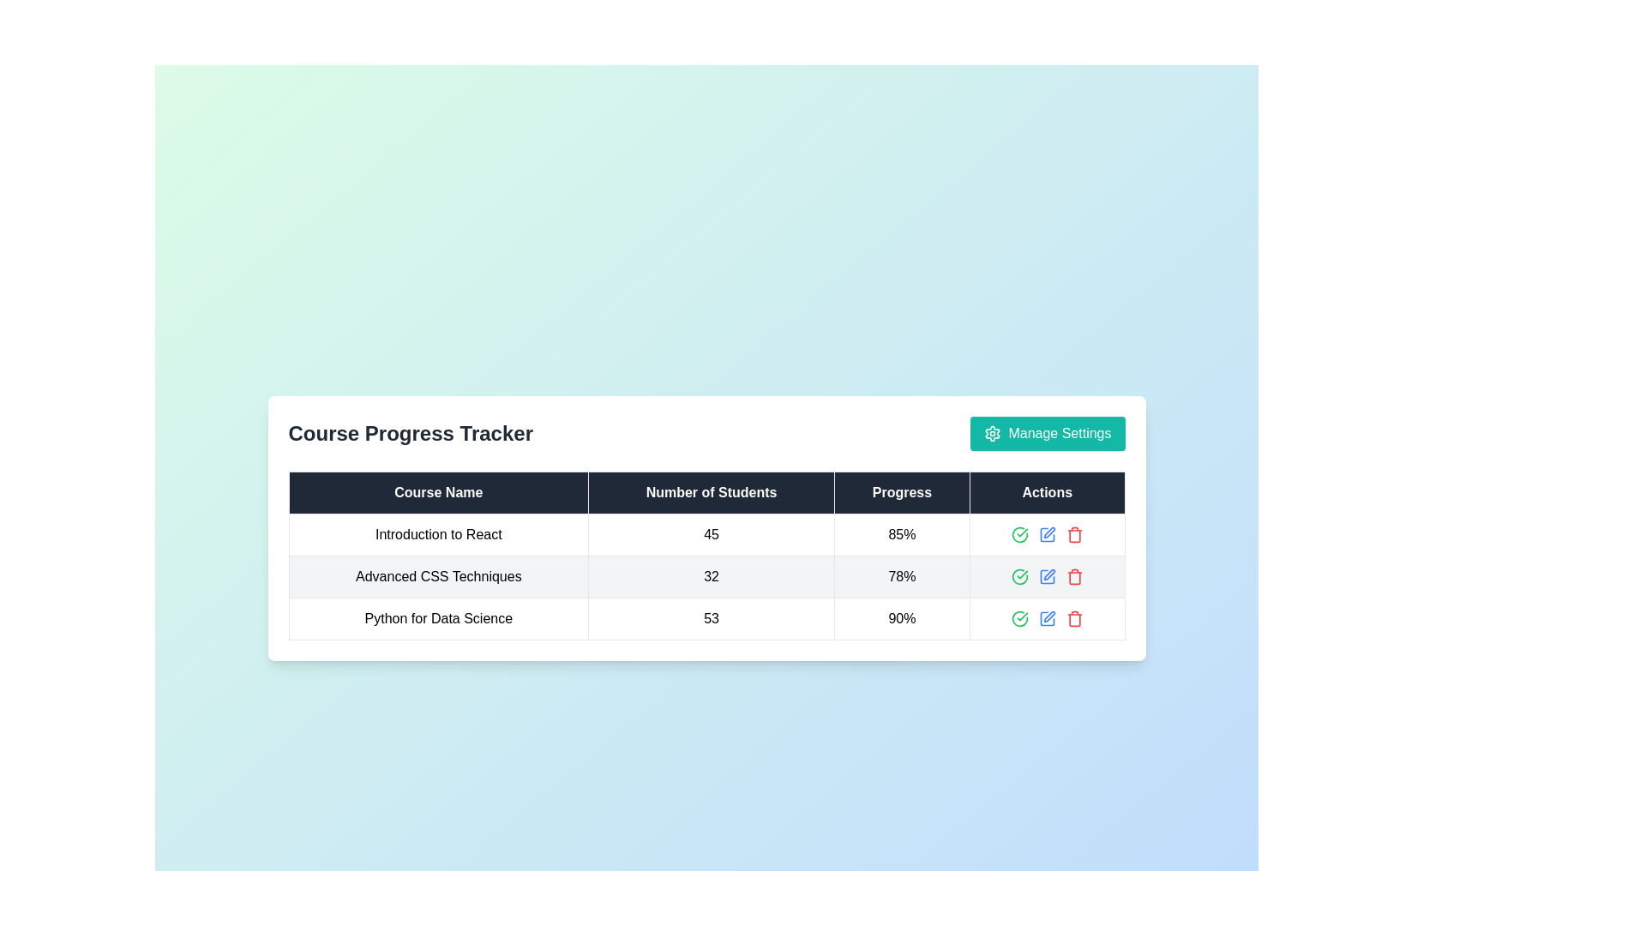  Describe the element at coordinates (1046, 533) in the screenshot. I see `the edit button located in the middle of the 'Actions' column in the third row of the table to initiate editing actions for the corresponding table entry` at that location.